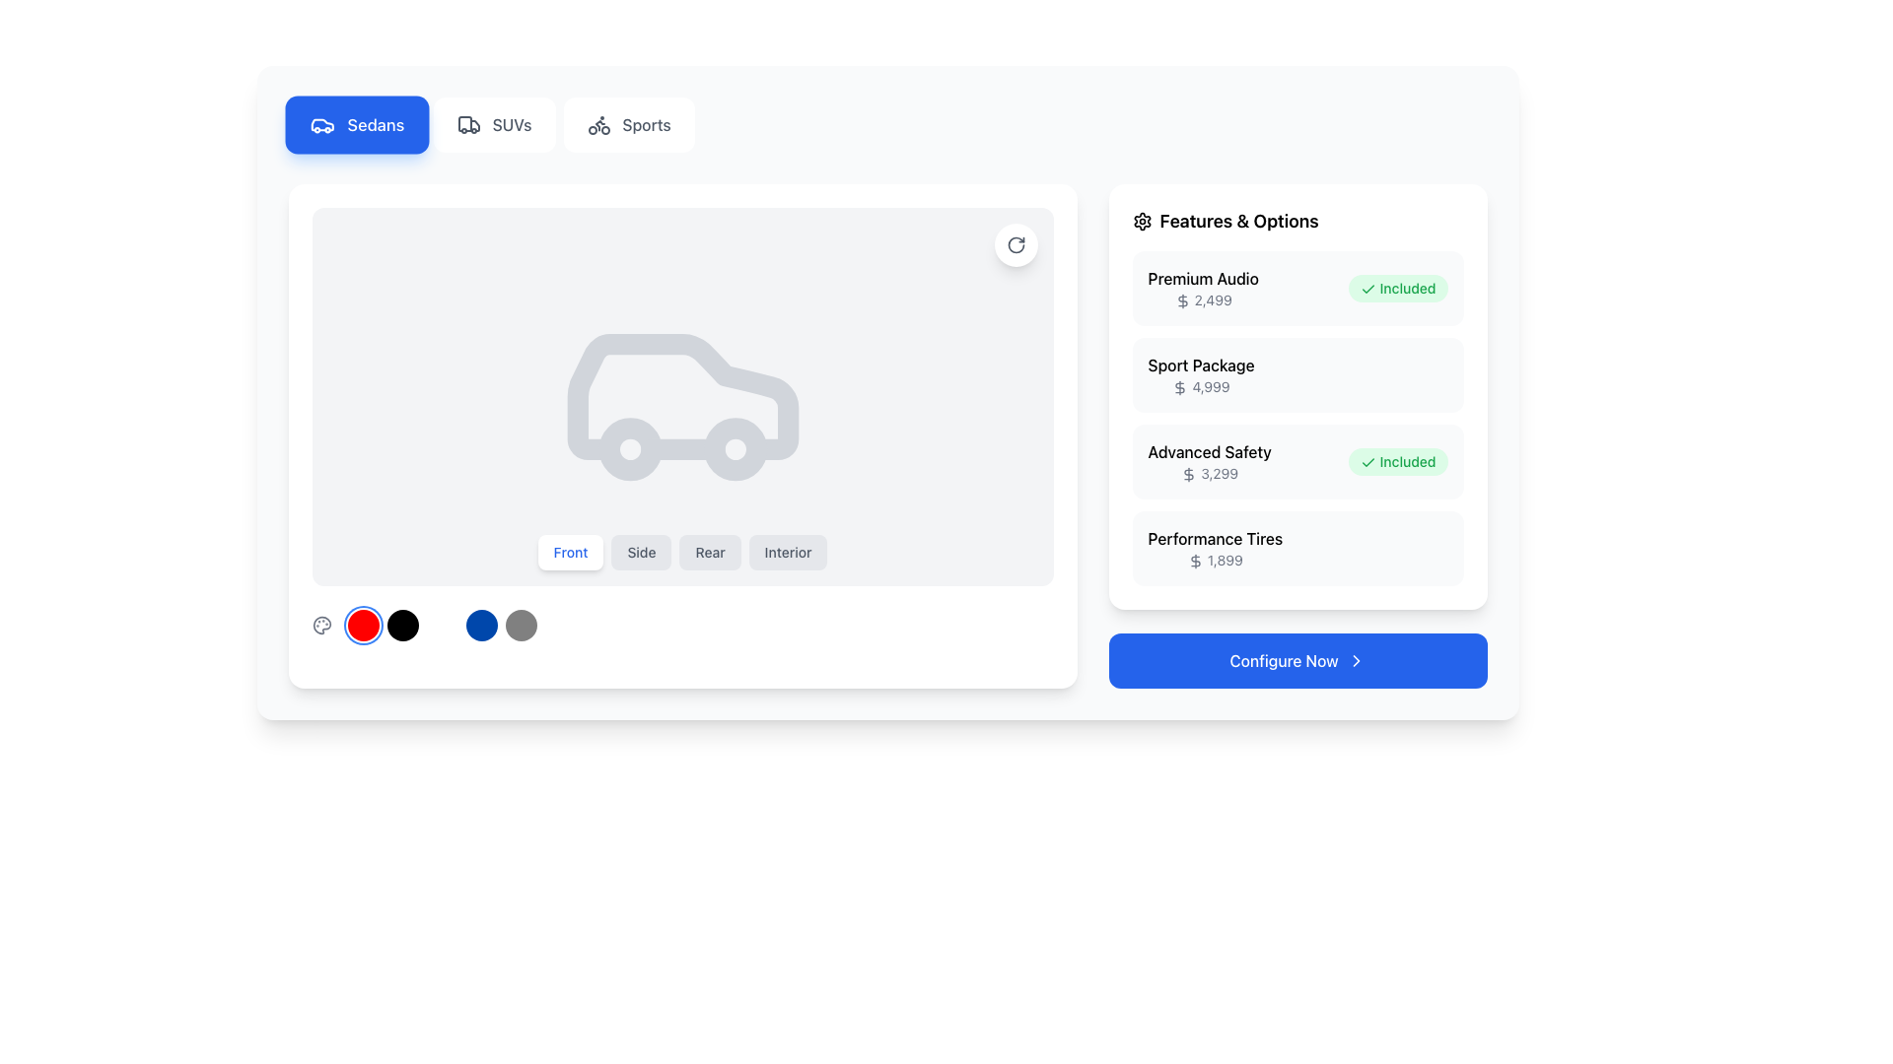 This screenshot has height=1064, width=1893. I want to click on information displayed in the Option card for 'Sport Package $4,999', which is the second item under 'Features & Options', so click(1297, 396).